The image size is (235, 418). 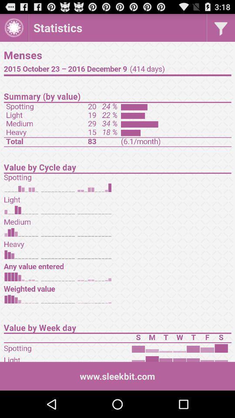 I want to click on the settings icon, so click(x=13, y=30).